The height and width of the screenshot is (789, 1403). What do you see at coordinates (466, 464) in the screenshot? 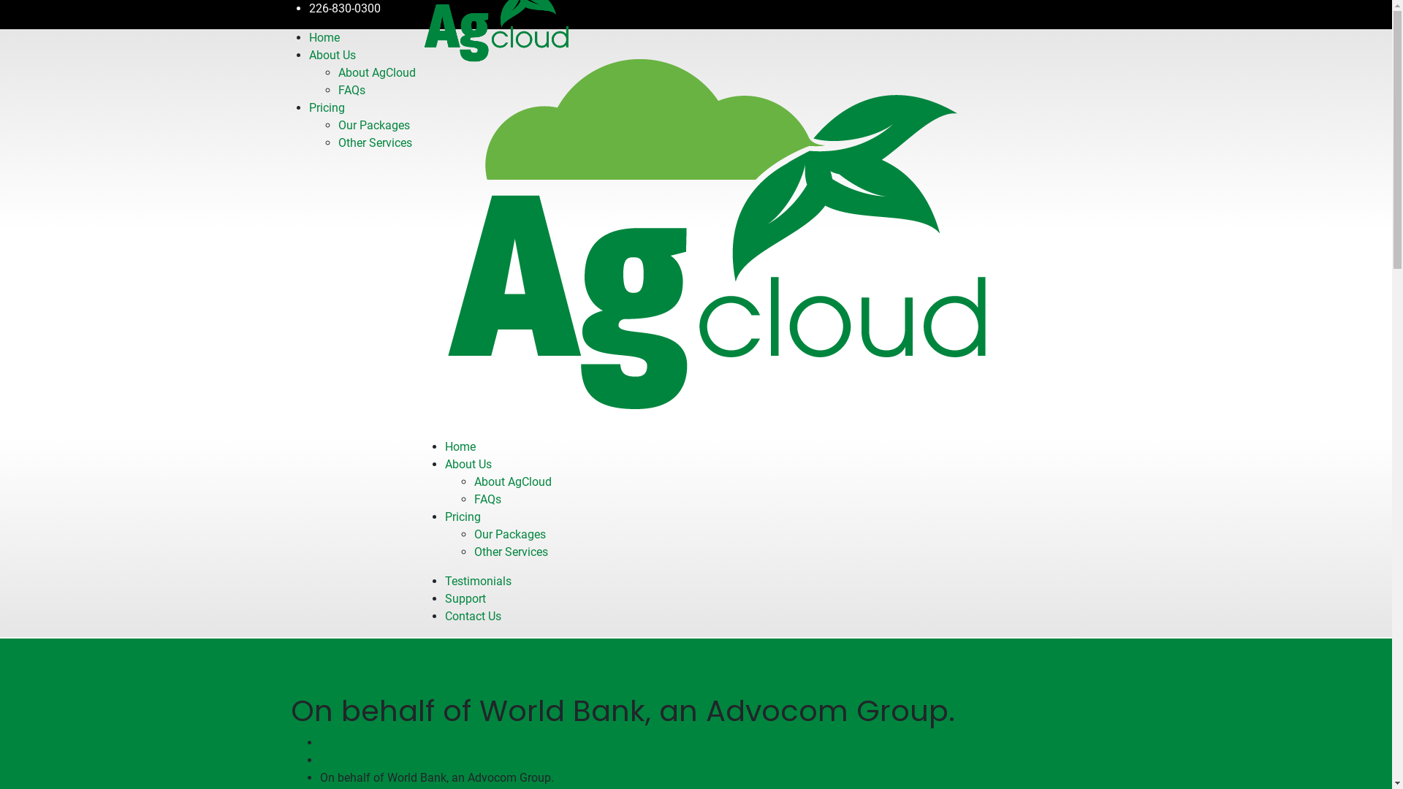
I see `'About Us'` at bounding box center [466, 464].